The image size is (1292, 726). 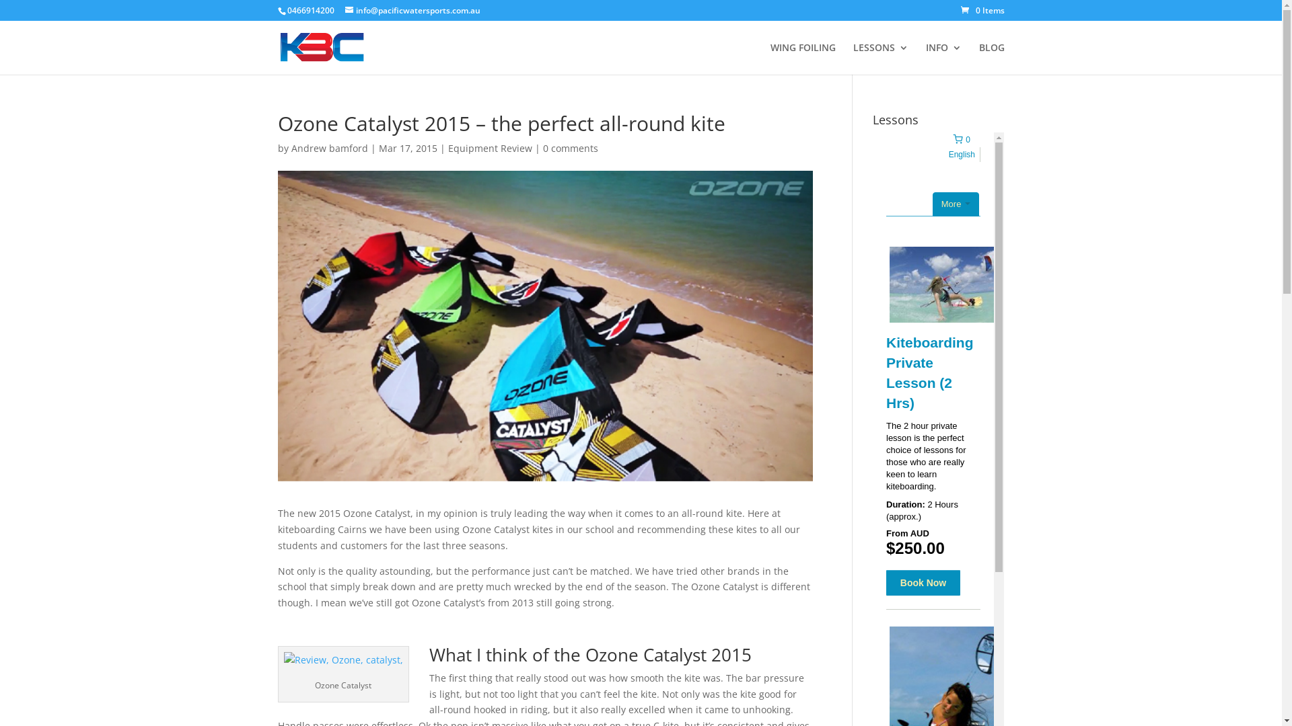 I want to click on 'LESSONS', so click(x=881, y=58).